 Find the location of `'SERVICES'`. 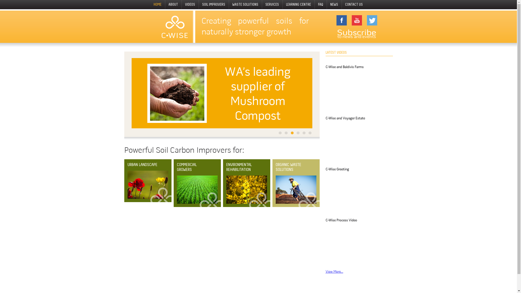

'SERVICES' is located at coordinates (272, 4).